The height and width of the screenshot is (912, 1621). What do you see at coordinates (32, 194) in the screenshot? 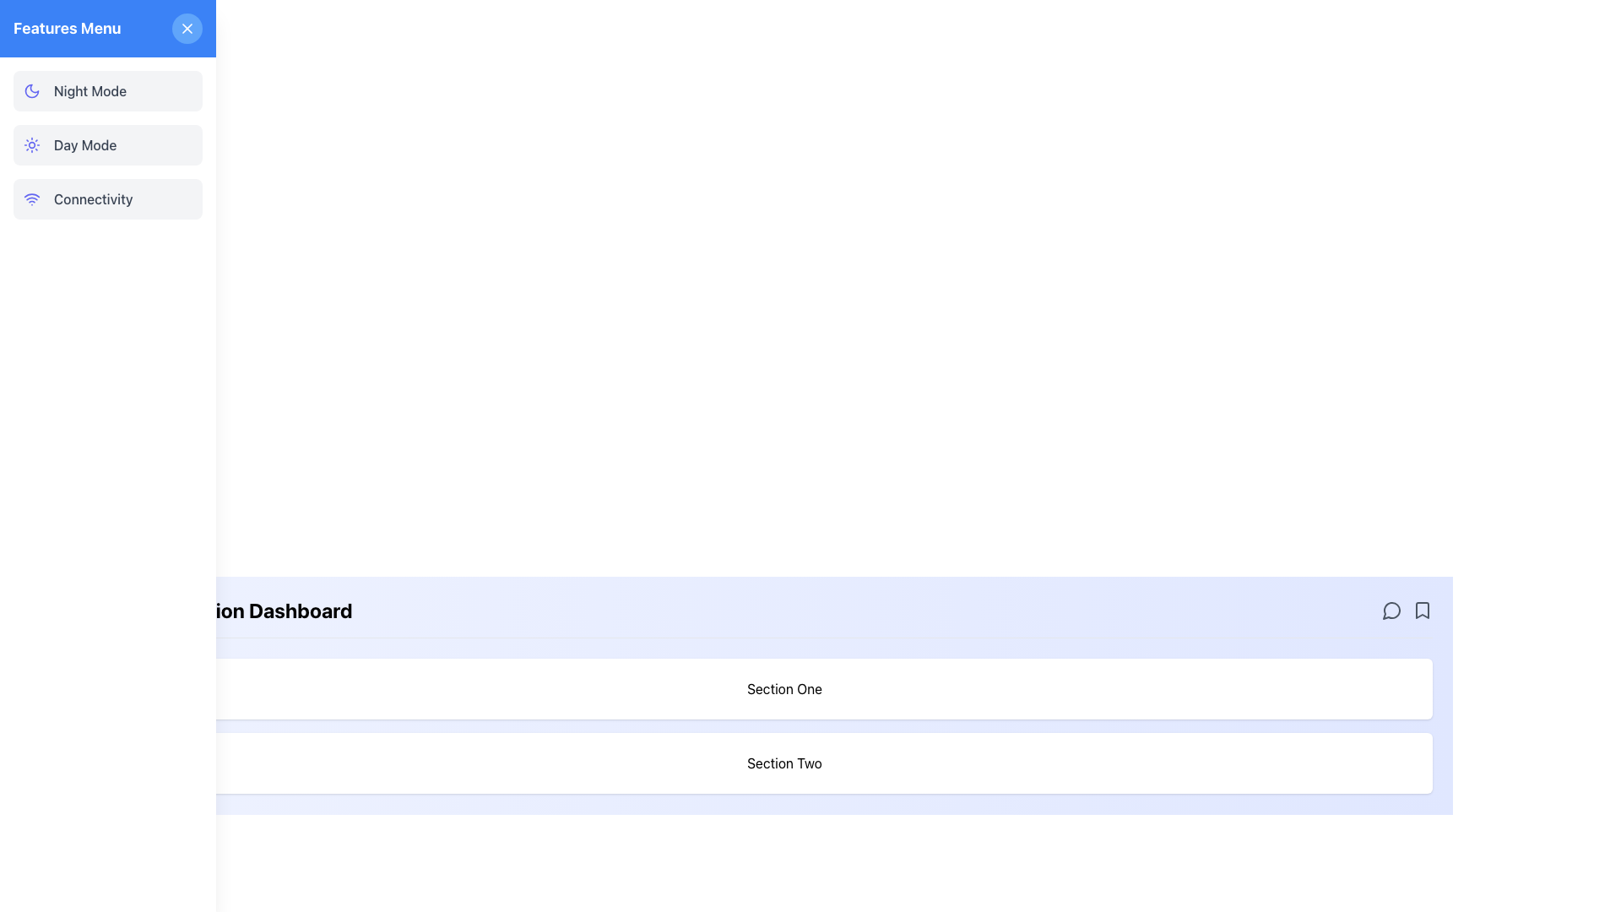
I see `the second layer of the Wi-Fi icon located in the bottom section of the navigation menu` at bounding box center [32, 194].